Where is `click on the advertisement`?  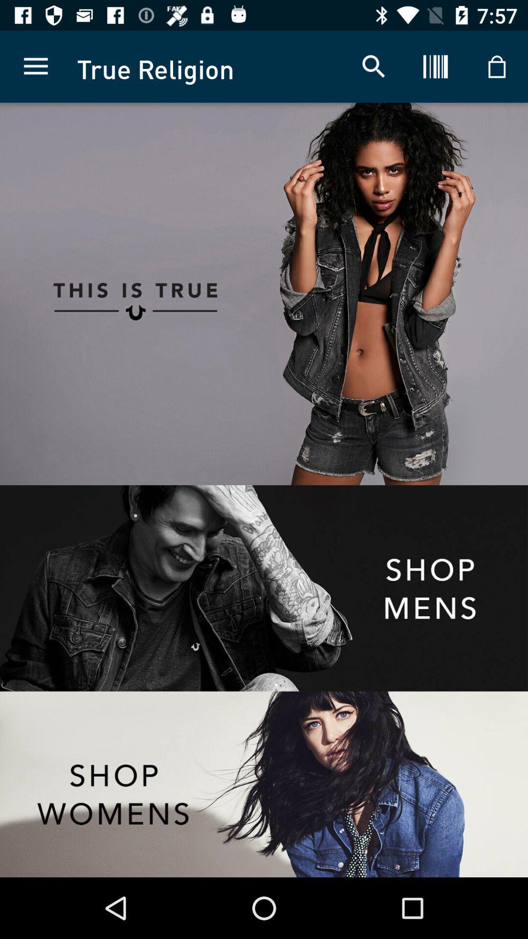
click on the advertisement is located at coordinates (132, 293).